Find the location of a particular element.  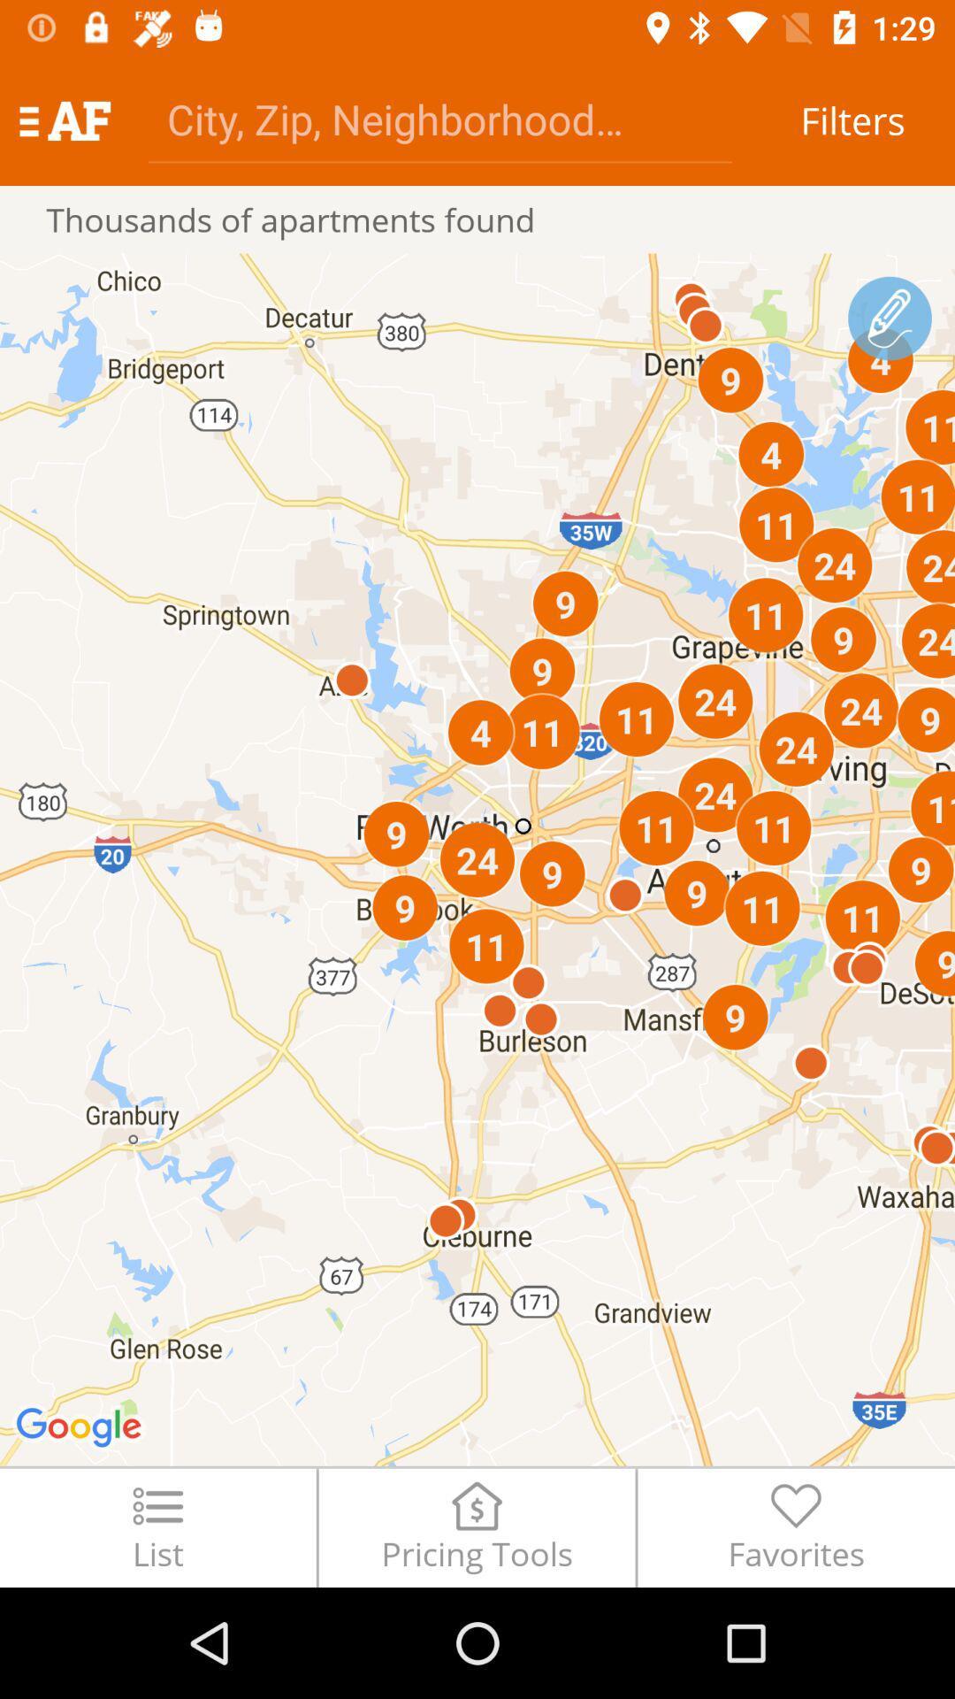

plot a route on the map is located at coordinates (890, 319).